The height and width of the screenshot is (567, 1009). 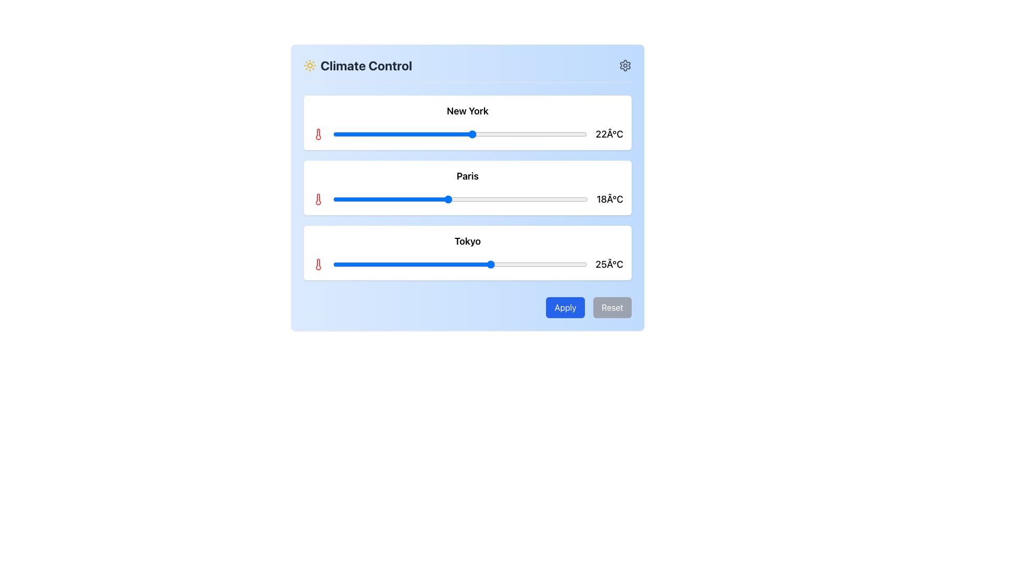 What do you see at coordinates (568, 199) in the screenshot?
I see `the Paris temperature slider` at bounding box center [568, 199].